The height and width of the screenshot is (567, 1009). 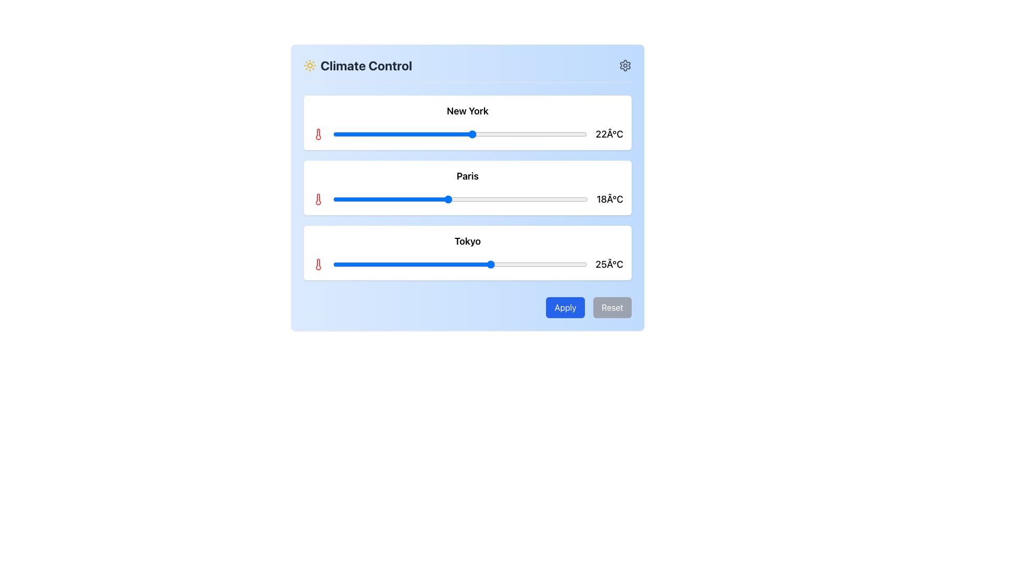 What do you see at coordinates (568, 199) in the screenshot?
I see `the Paris temperature slider` at bounding box center [568, 199].